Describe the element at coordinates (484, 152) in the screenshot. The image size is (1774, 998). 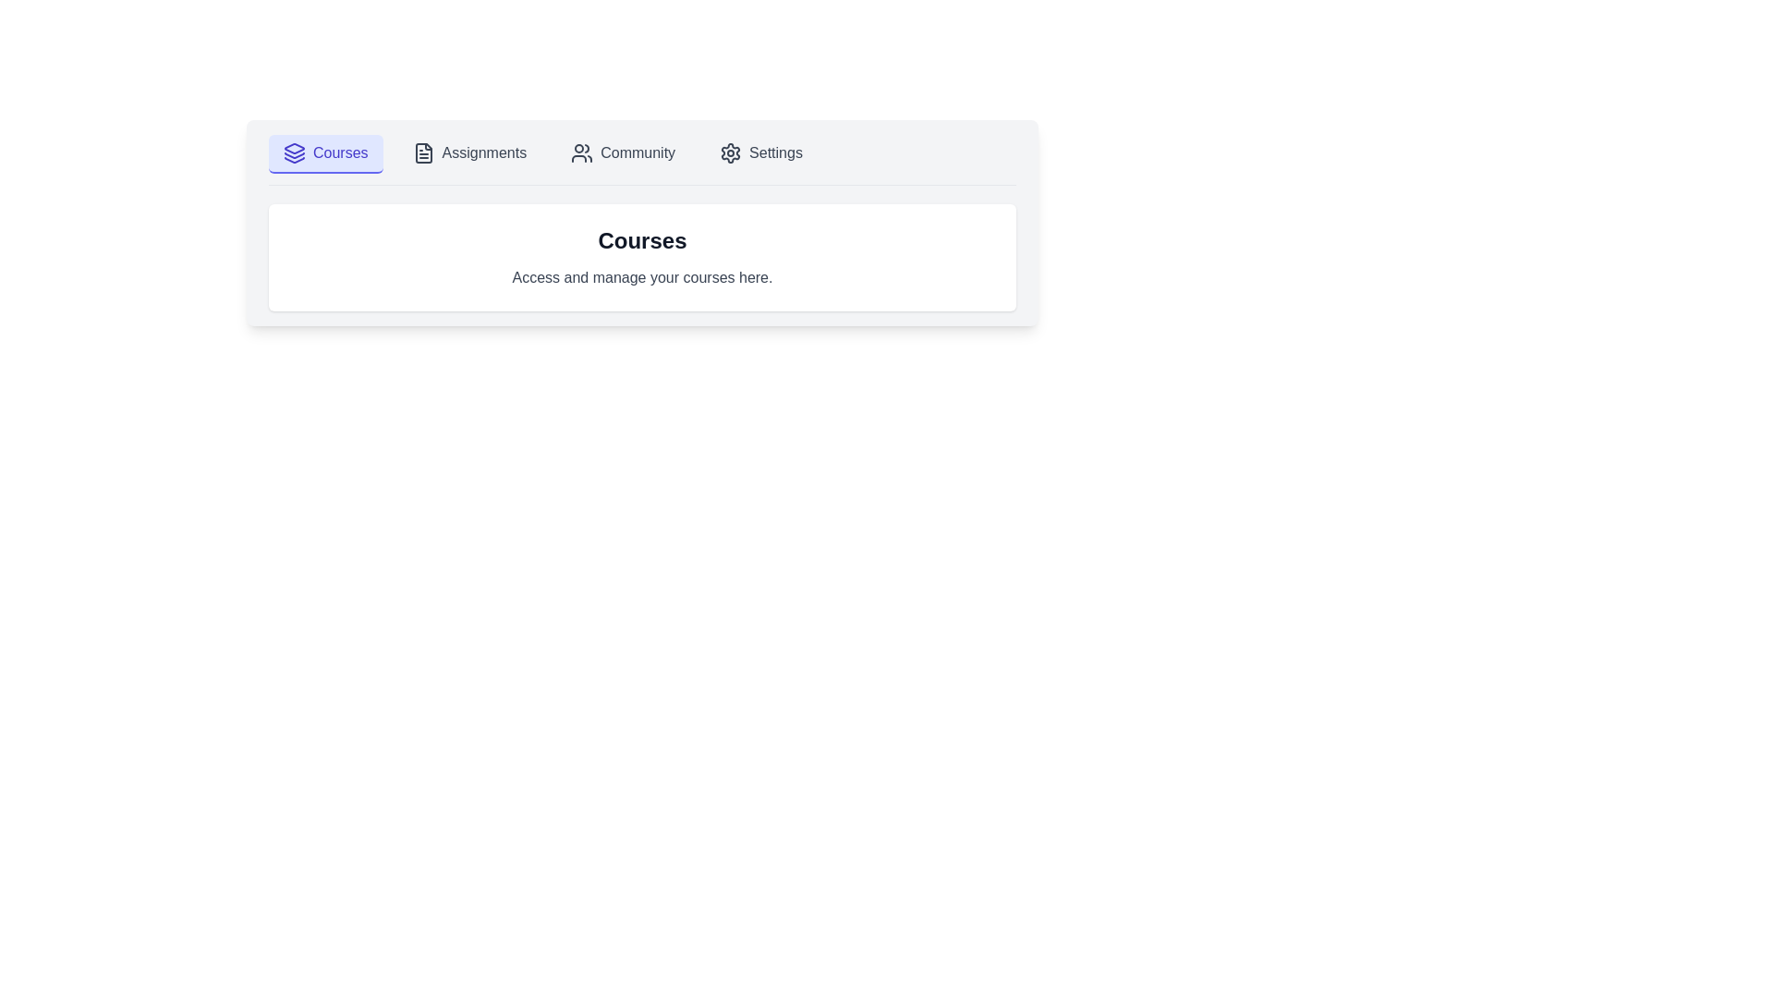
I see `the 'Assignments' text label in the top menu bar to trigger a visual change` at that location.